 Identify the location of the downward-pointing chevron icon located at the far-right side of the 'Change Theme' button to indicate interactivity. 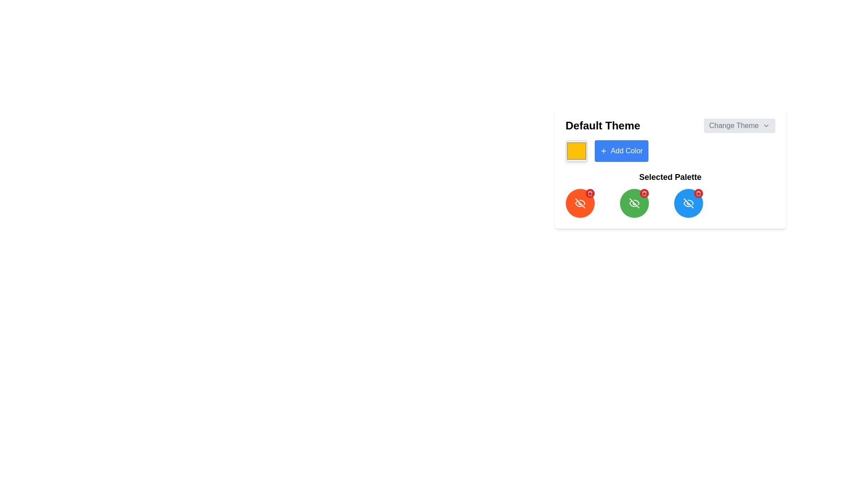
(765, 125).